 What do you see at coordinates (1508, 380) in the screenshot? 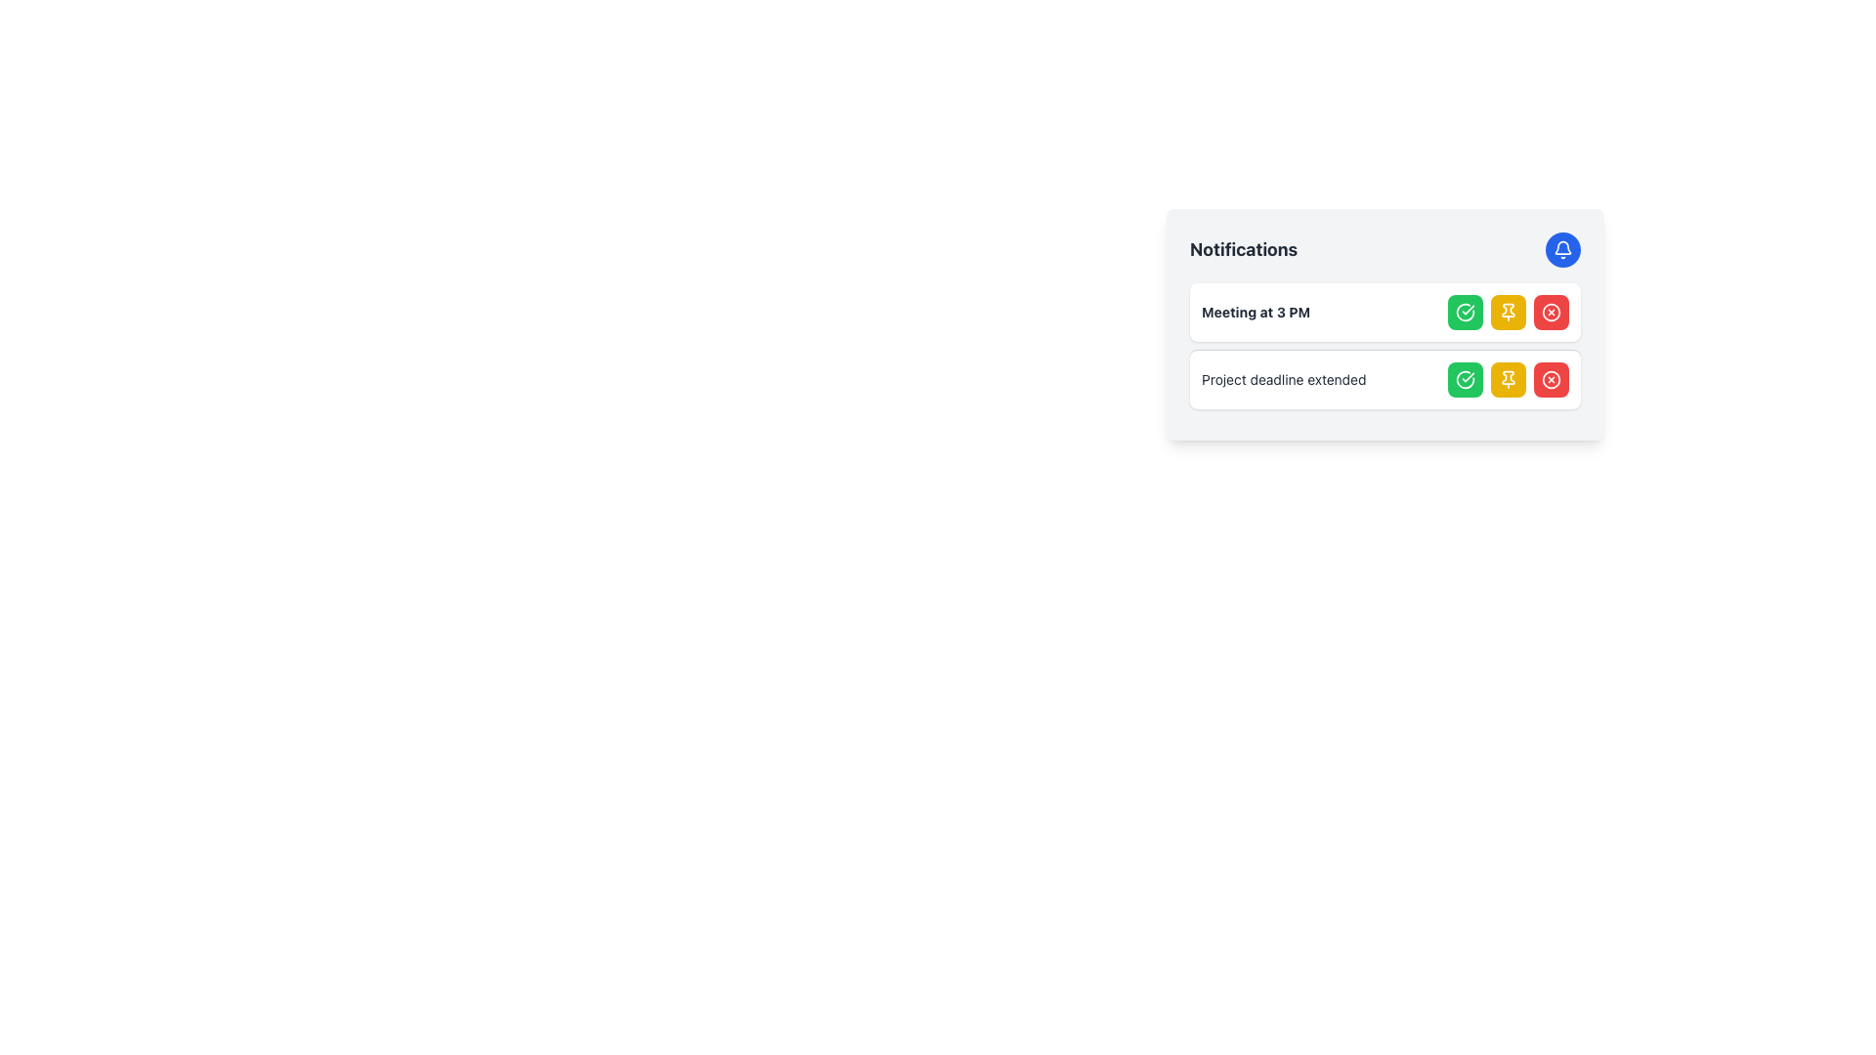
I see `the pin icon button located to the right of the 'Meeting at 3 PM' notification` at bounding box center [1508, 380].